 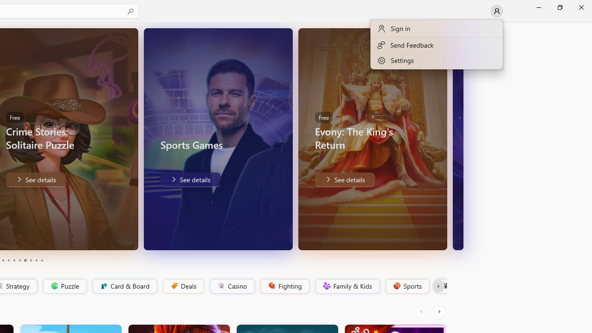 I want to click on 'Family & Kids', so click(x=346, y=286).